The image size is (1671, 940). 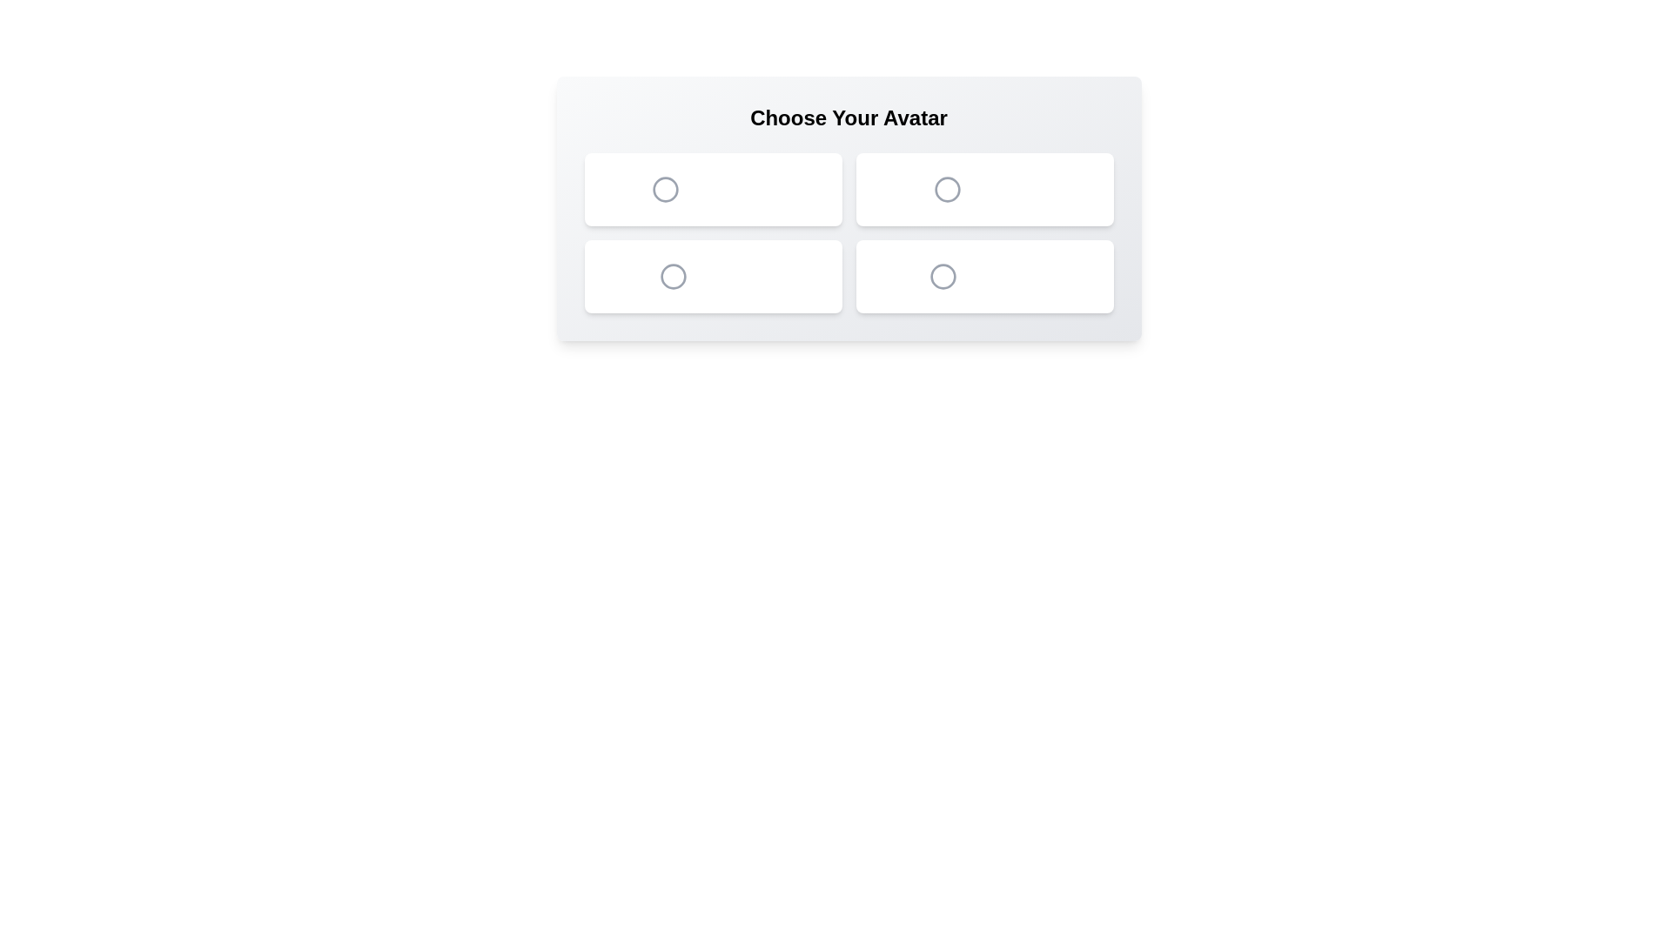 I want to click on the circular selection indicator located in the bottom-right card, which indicates the state of the card next to the label 'Innovator', so click(x=943, y=275).